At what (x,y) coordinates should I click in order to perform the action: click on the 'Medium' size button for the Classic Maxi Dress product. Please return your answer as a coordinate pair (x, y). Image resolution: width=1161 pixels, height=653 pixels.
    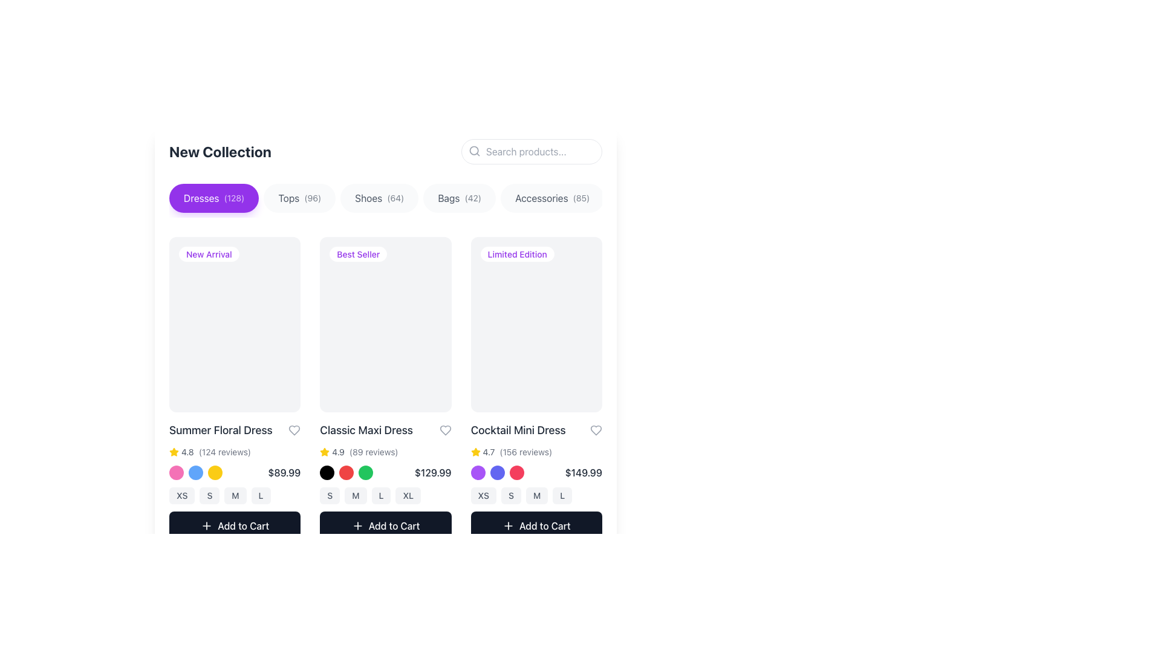
    Looking at the image, I should click on (355, 495).